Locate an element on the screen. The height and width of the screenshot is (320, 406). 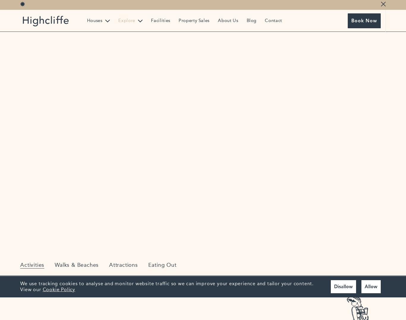
'Contact' is located at coordinates (265, 20).